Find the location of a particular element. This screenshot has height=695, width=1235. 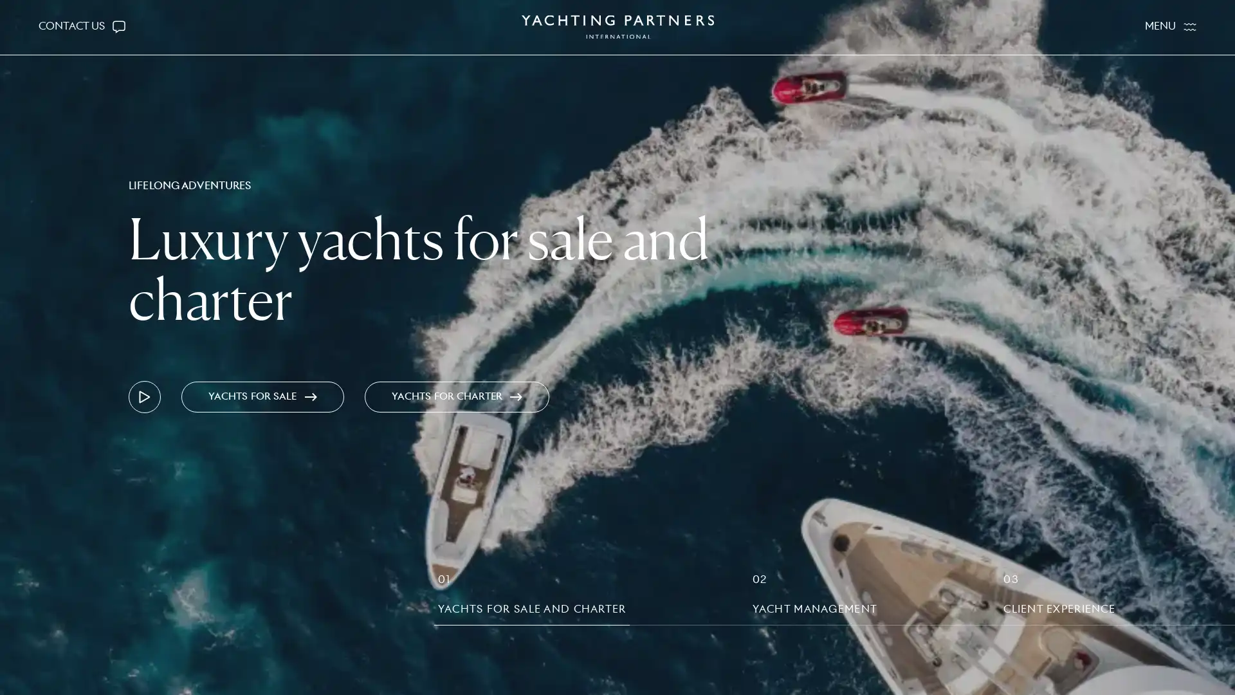

MENU is located at coordinates (1170, 26).